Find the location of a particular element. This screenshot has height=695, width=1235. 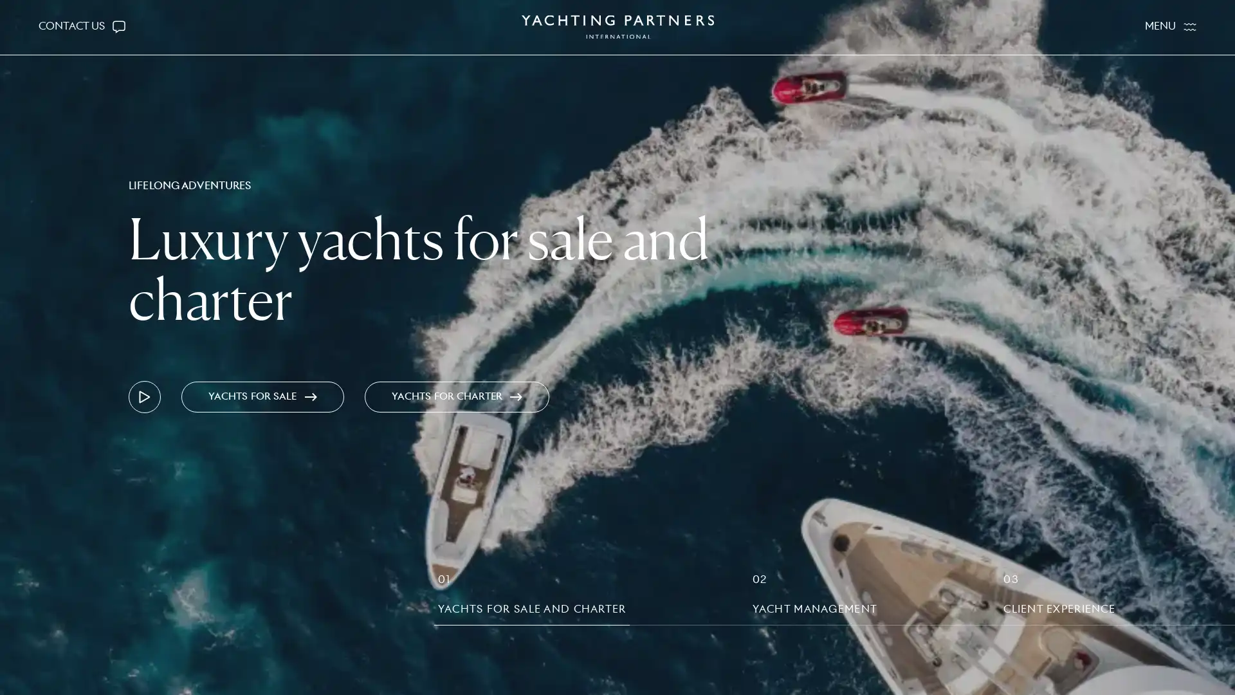

MENU is located at coordinates (1170, 26).